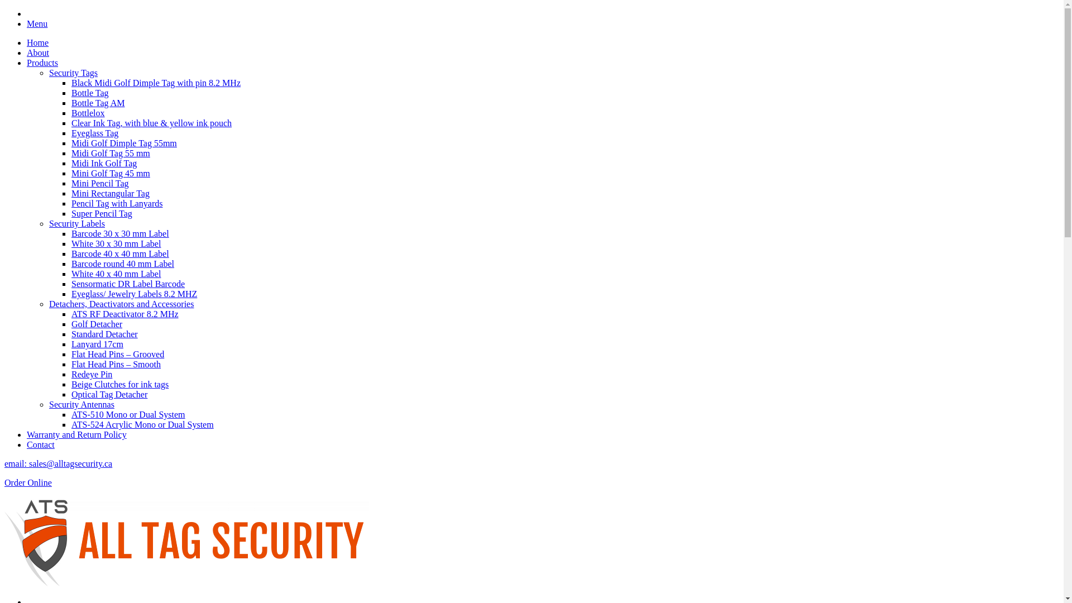  I want to click on 'Super Pencil Tag', so click(102, 213).